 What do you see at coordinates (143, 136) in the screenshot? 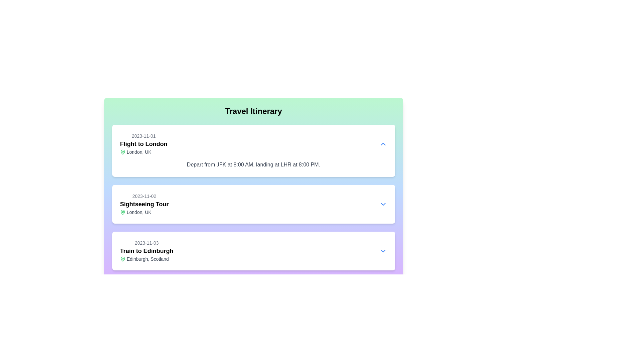
I see `text displayed in the gray colored text label that shows '2023-11-01', which is positioned above the 'Flight to London' title and to the left of the 'London, UK' label` at bounding box center [143, 136].